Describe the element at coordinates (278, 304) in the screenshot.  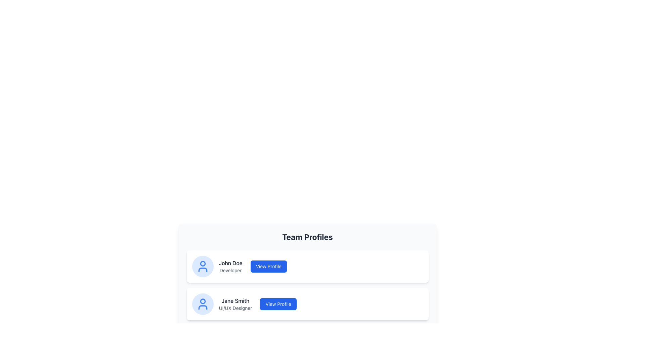
I see `the button that allows users` at that location.